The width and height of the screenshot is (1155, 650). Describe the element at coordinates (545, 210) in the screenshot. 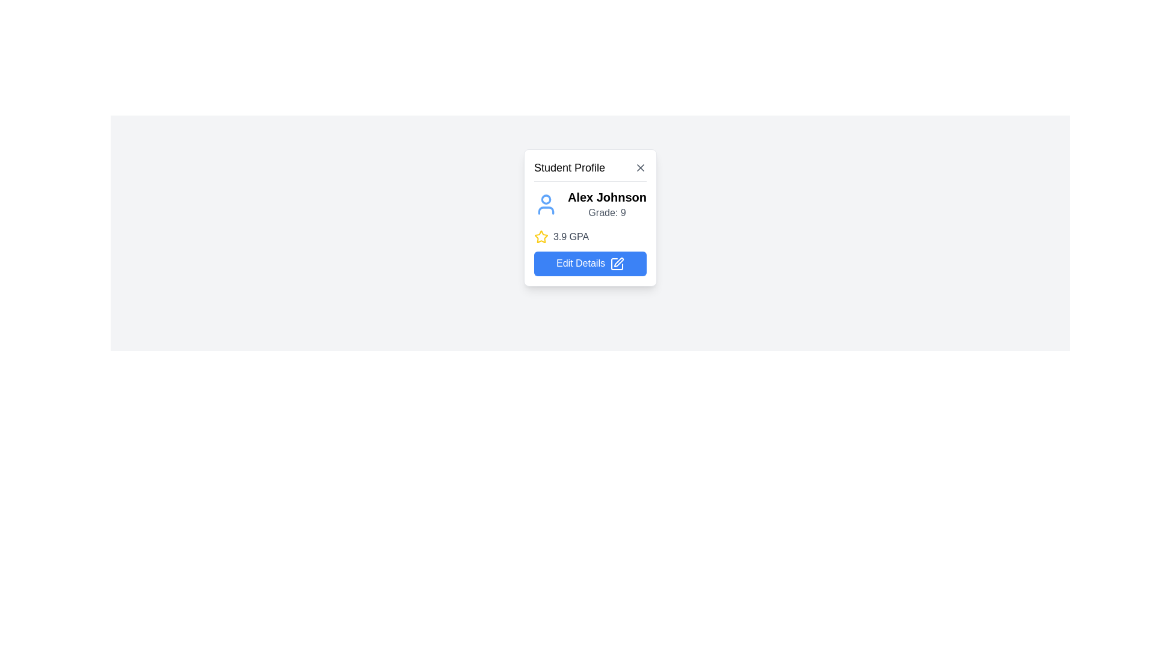

I see `the lower semi-circle of the user icon located within the top-left area of the 'Student Profile' card, adjacent to the user's name and grade information` at that location.